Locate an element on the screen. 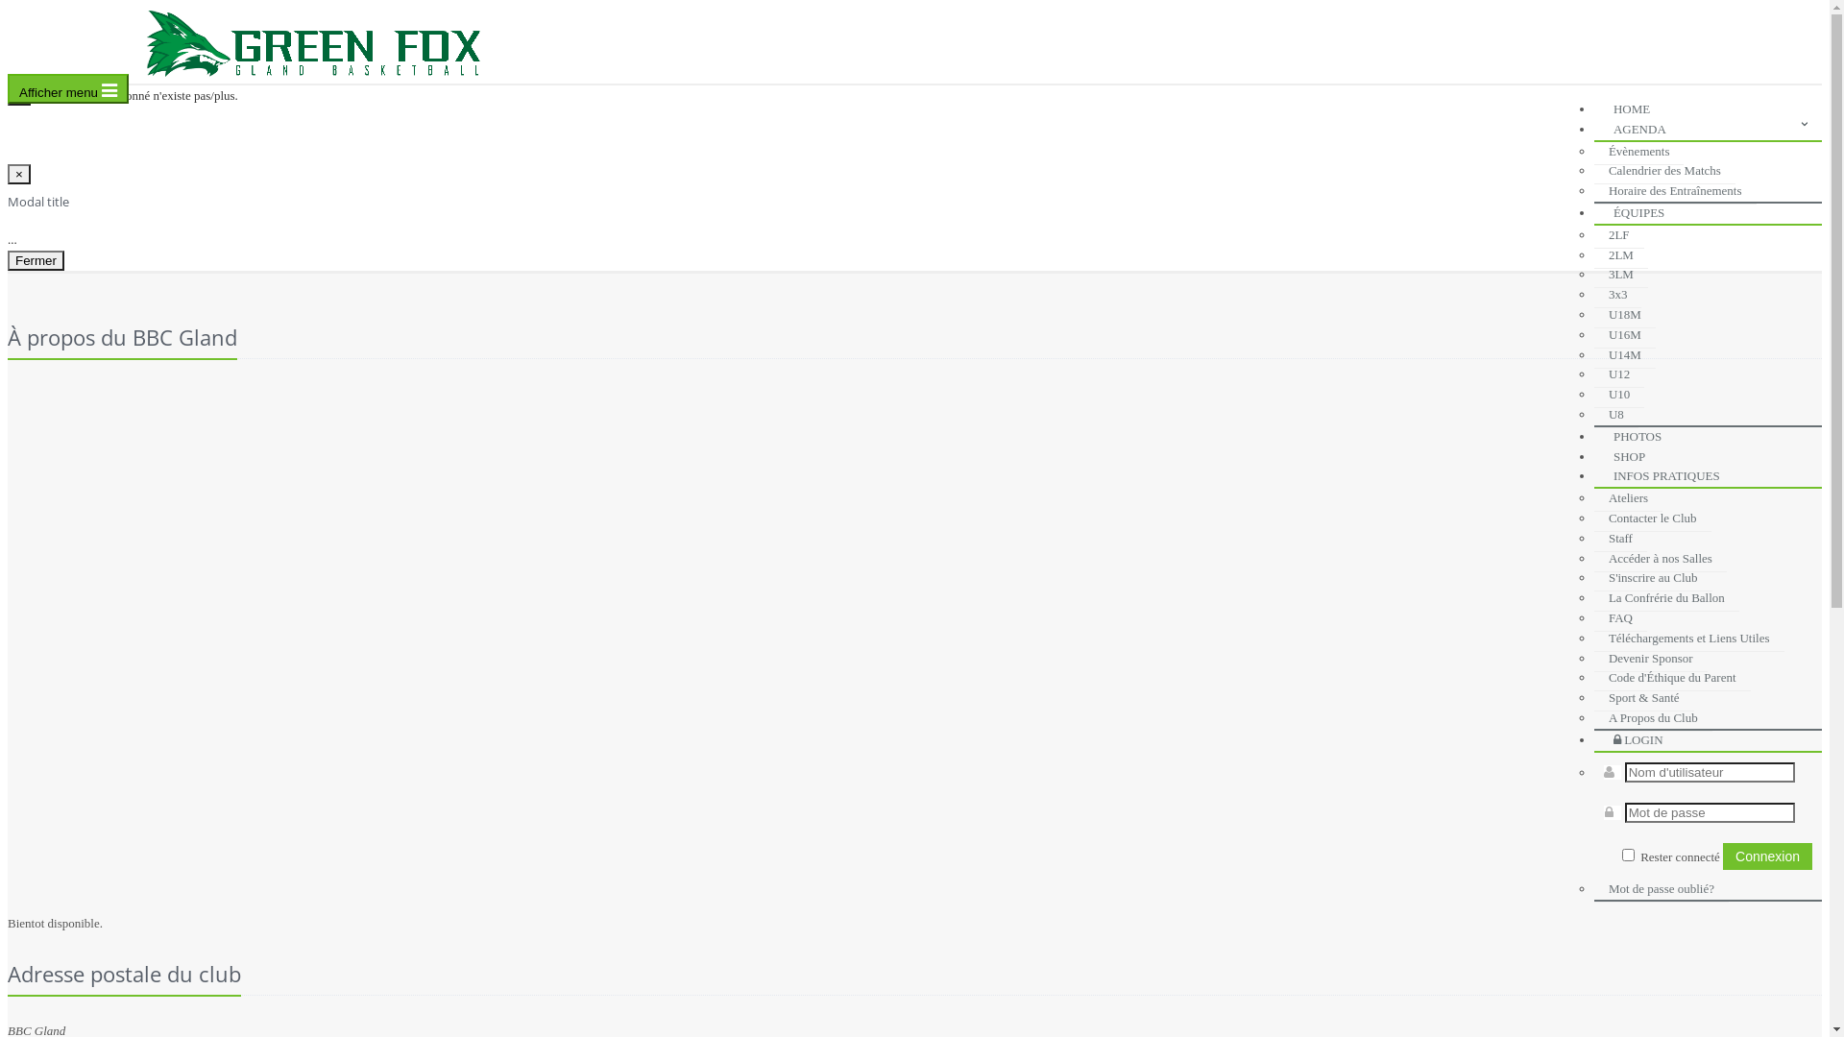 The image size is (1844, 1037). '3LM' is located at coordinates (1620, 274).